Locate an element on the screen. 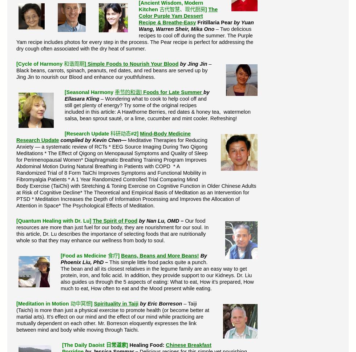 The width and height of the screenshot is (356, 352). 'by Yuan Wang, Warren Sheir, Mika Ono' is located at coordinates (196, 25).